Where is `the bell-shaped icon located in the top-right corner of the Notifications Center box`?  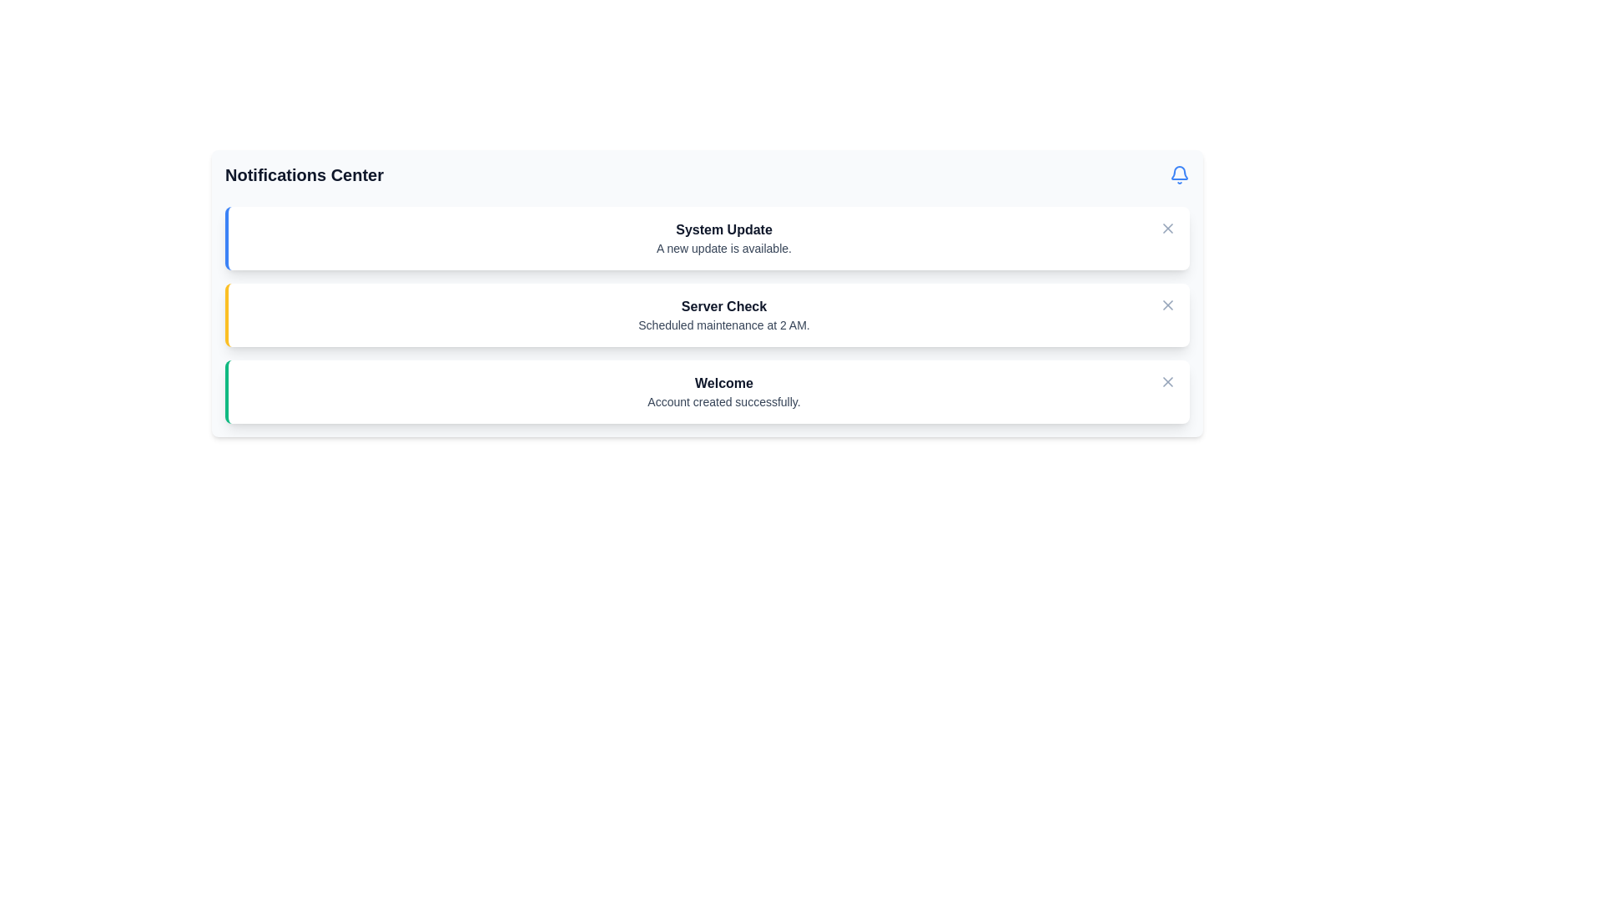
the bell-shaped icon located in the top-right corner of the Notifications Center box is located at coordinates (1179, 173).